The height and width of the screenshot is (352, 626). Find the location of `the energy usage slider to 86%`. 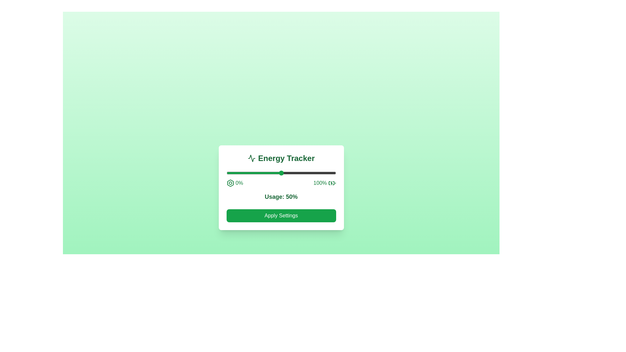

the energy usage slider to 86% is located at coordinates (320, 173).